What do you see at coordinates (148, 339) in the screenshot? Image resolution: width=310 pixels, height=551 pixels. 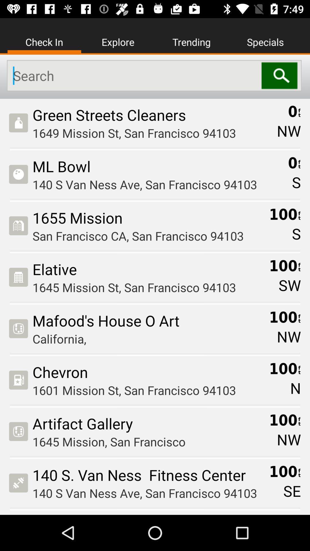 I see `icon above the chevron` at bounding box center [148, 339].